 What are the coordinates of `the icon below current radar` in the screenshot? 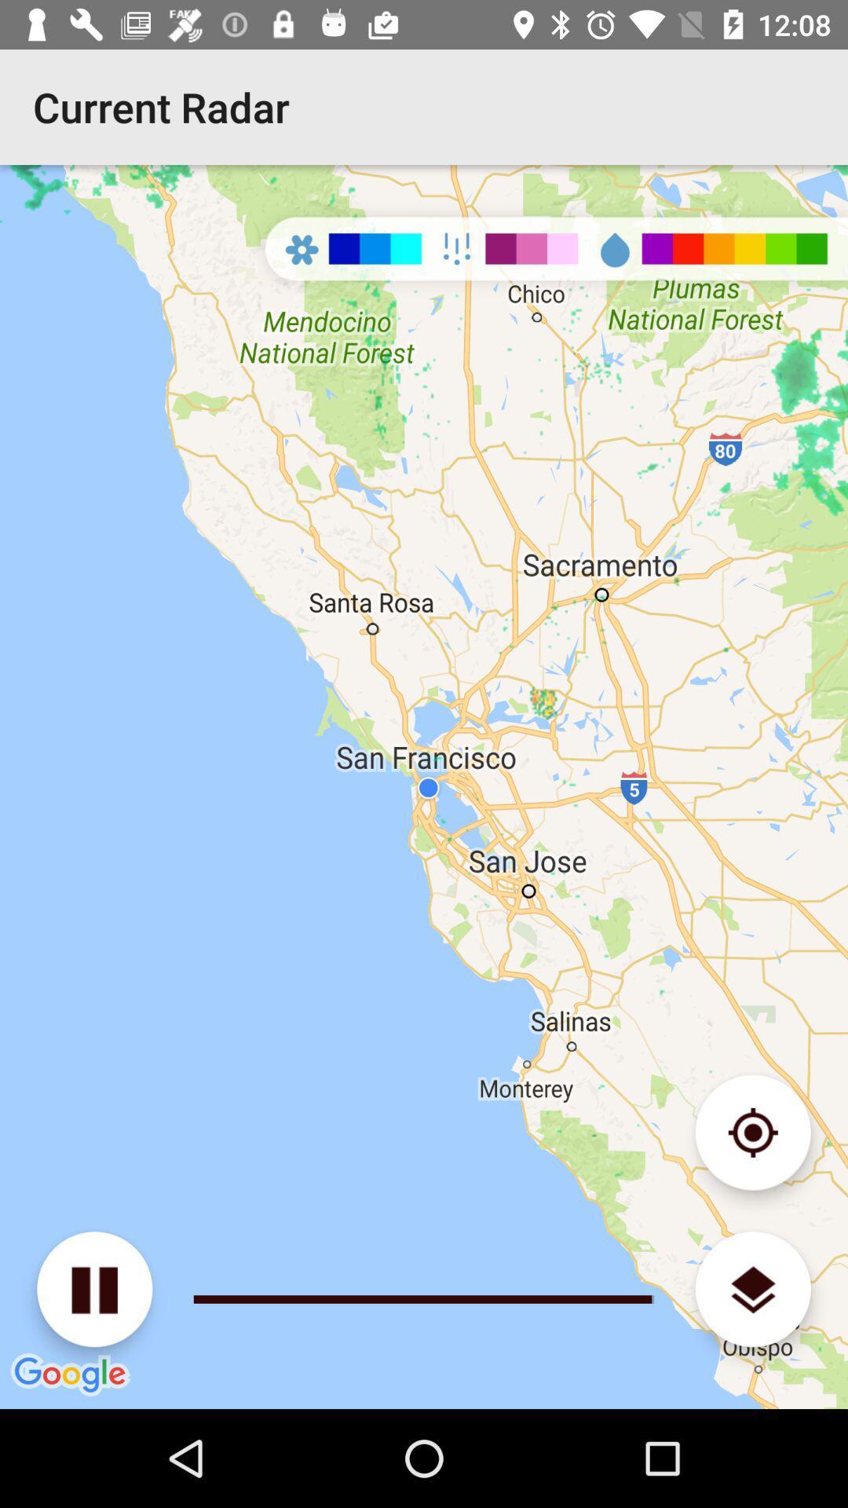 It's located at (94, 1289).